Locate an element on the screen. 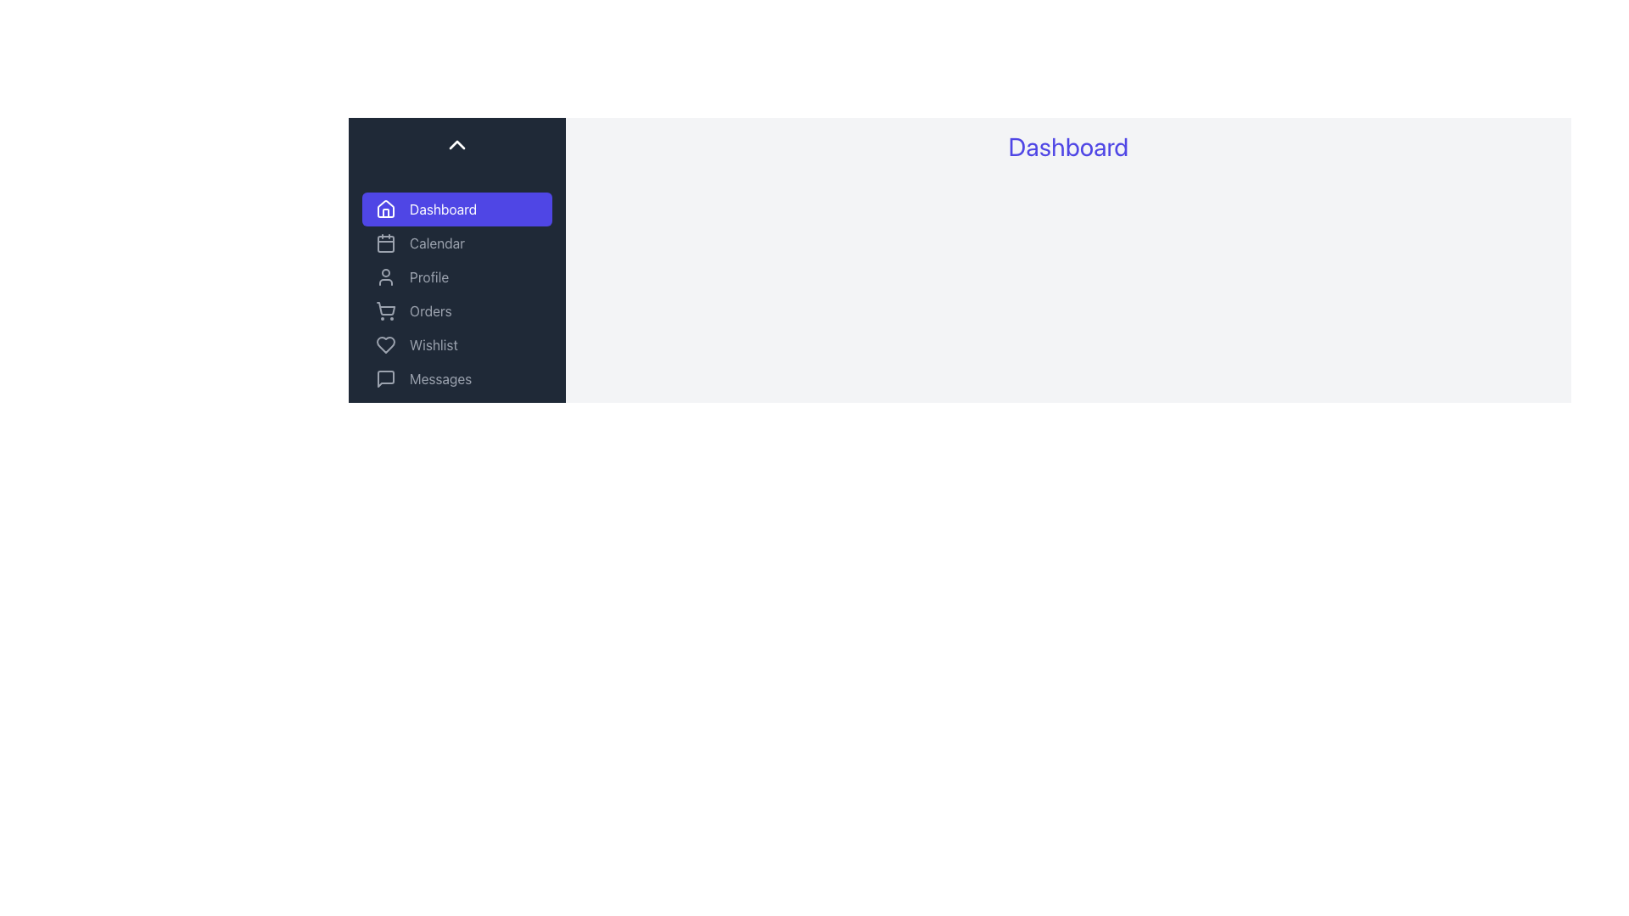 The image size is (1629, 916). the 'Orders' text label in the sidebar menu, which is styled in light gray and positioned below the 'Profile' item and above the 'Wishlist' item is located at coordinates (430, 310).